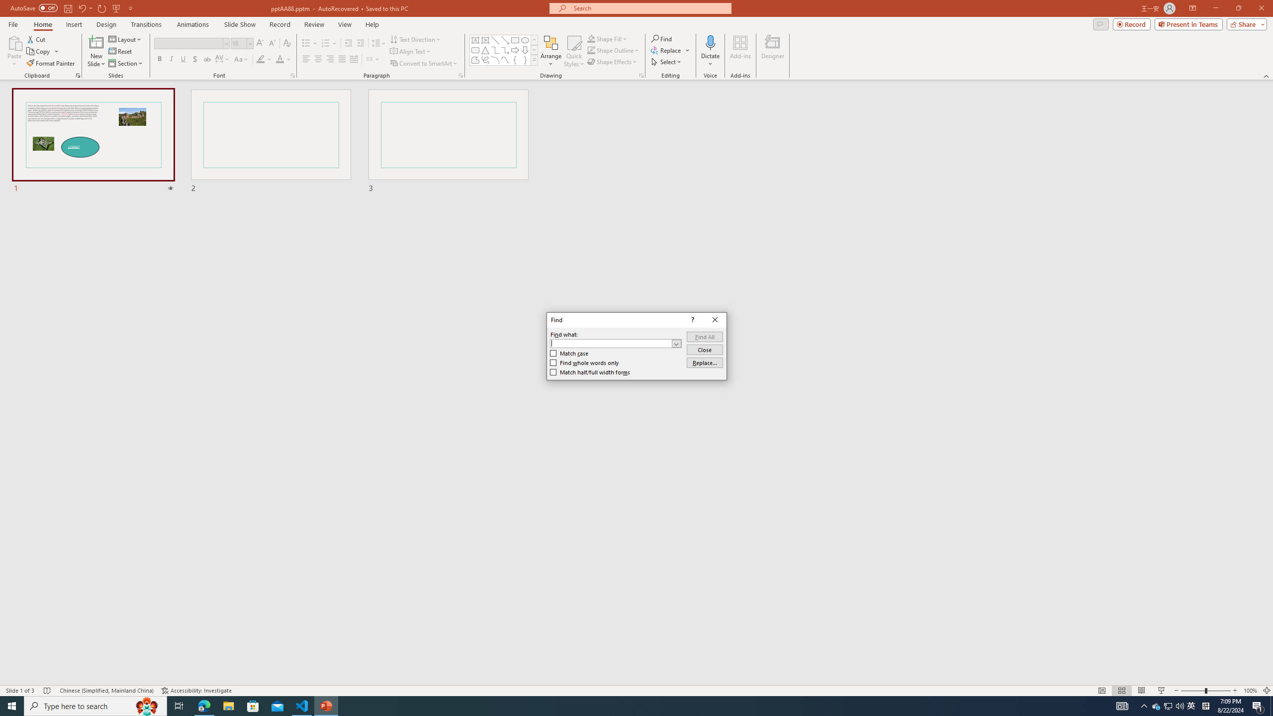  Describe the element at coordinates (1251, 691) in the screenshot. I see `'Zoom 100%'` at that location.